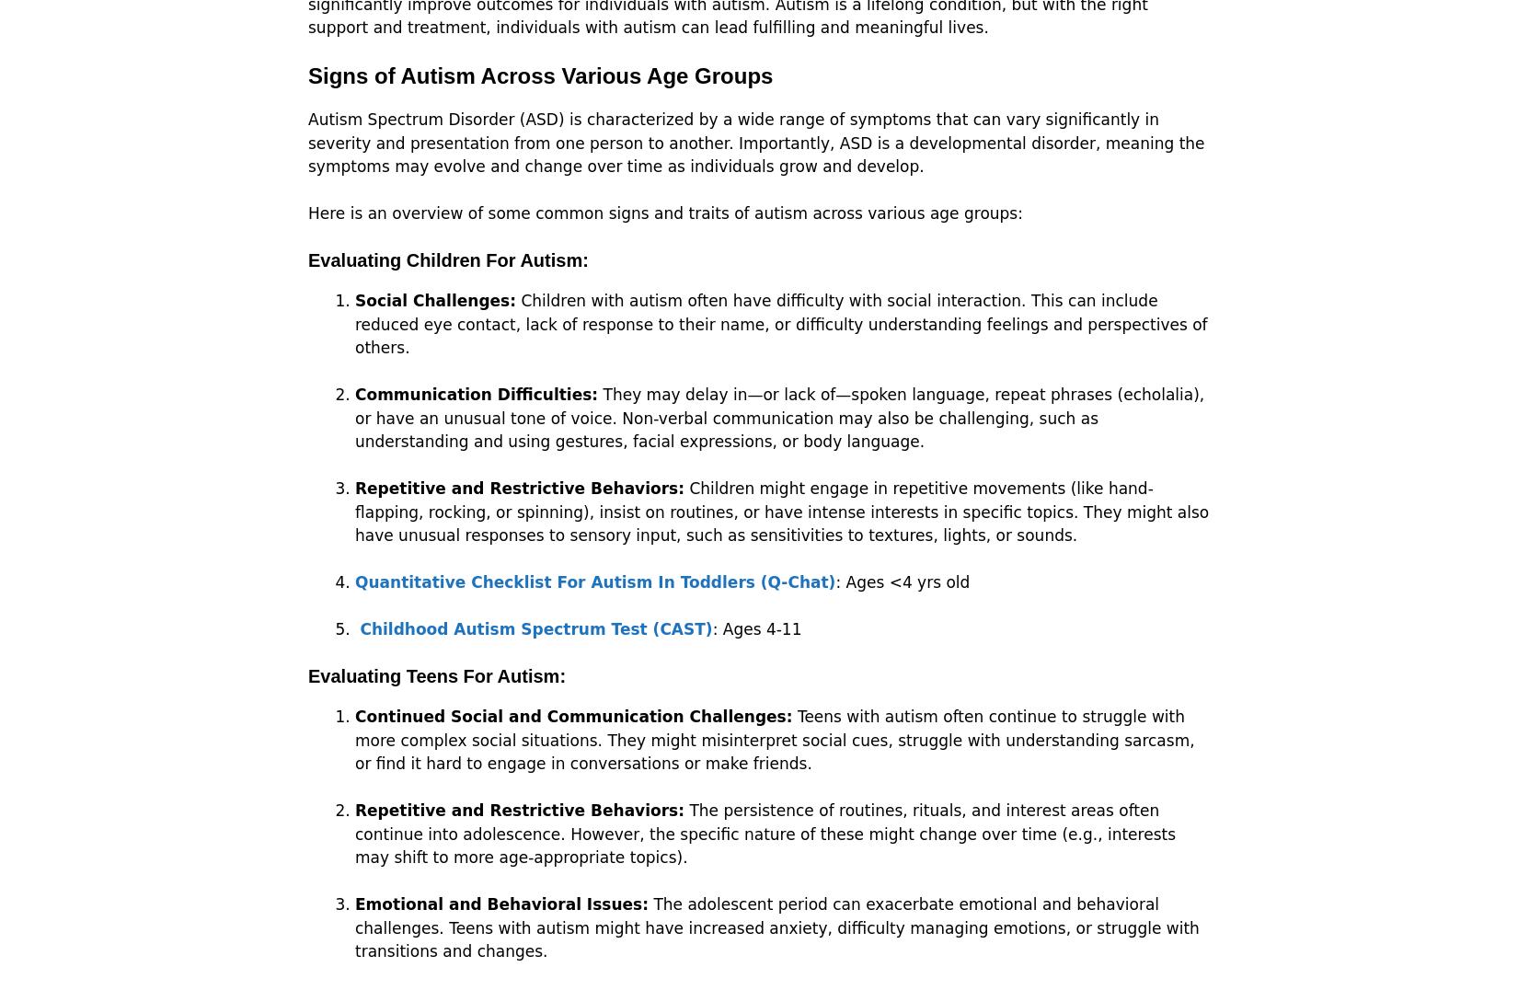 This screenshot has width=1518, height=990. What do you see at coordinates (539, 75) in the screenshot?
I see `'Signs of Autism Across Various Age Groups'` at bounding box center [539, 75].